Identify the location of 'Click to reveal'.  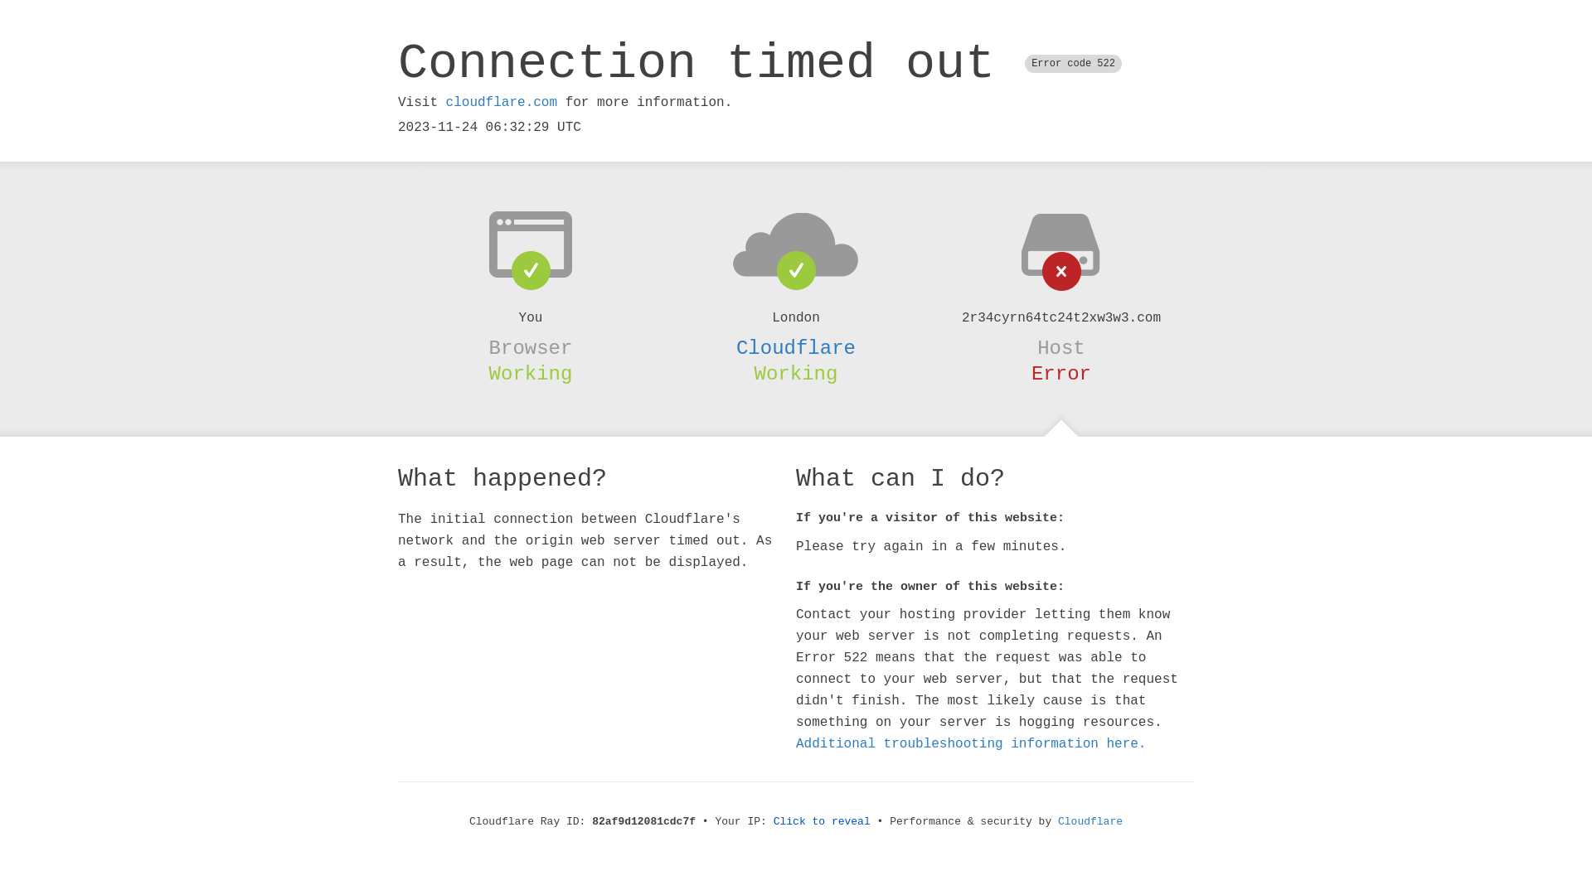
(772, 821).